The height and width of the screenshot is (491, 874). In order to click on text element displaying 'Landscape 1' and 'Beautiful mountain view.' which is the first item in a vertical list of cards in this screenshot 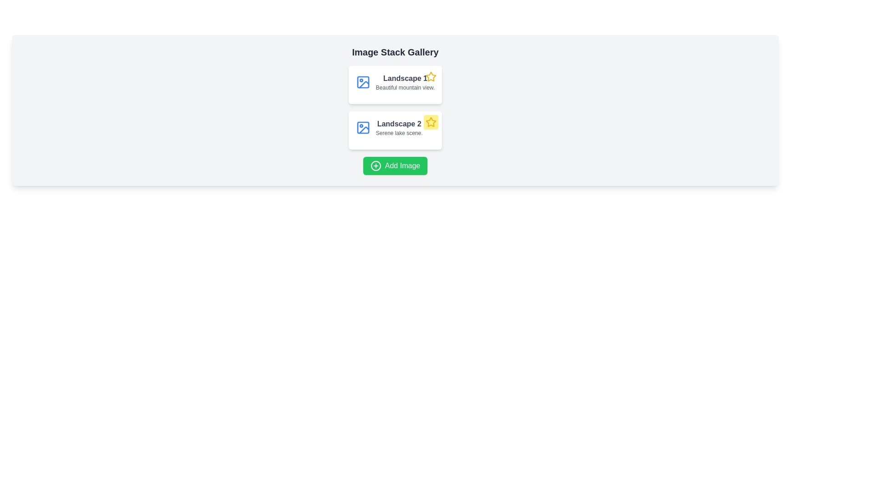, I will do `click(405, 82)`.